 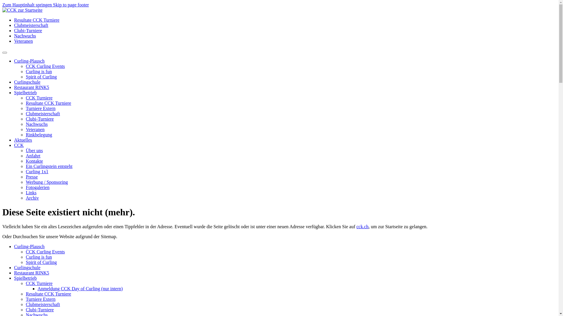 What do you see at coordinates (362, 226) in the screenshot?
I see `'cck.ch'` at bounding box center [362, 226].